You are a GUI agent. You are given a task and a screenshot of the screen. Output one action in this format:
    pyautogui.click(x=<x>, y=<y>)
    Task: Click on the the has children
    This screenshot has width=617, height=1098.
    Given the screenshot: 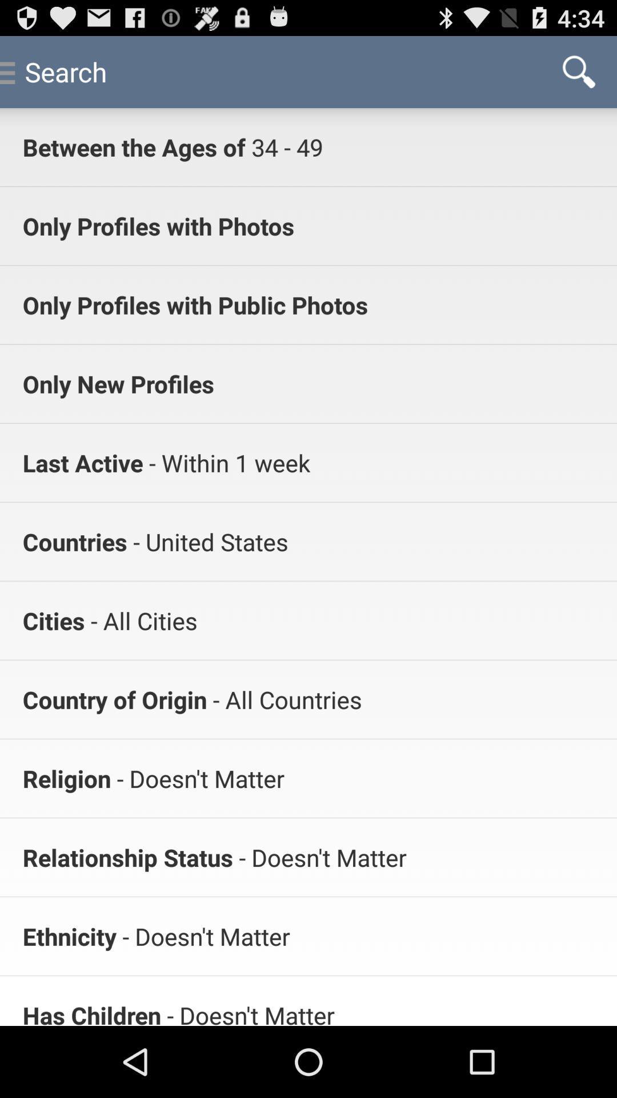 What is the action you would take?
    pyautogui.click(x=91, y=1012)
    